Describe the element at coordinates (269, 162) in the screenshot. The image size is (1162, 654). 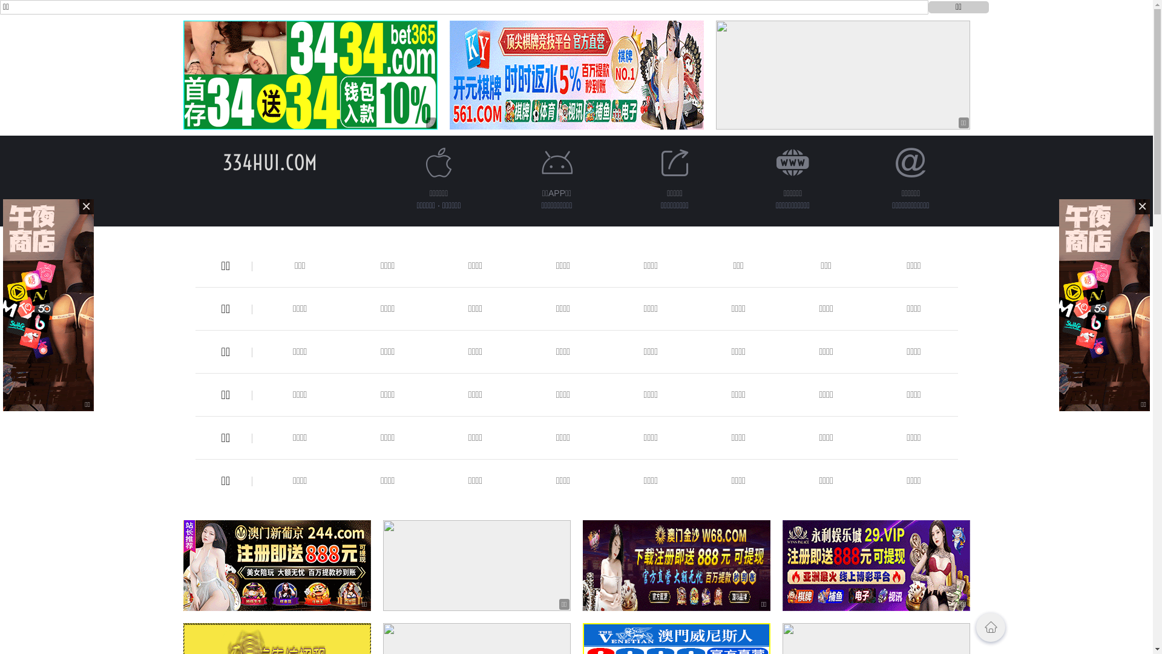
I see `'334HUI.COM'` at that location.